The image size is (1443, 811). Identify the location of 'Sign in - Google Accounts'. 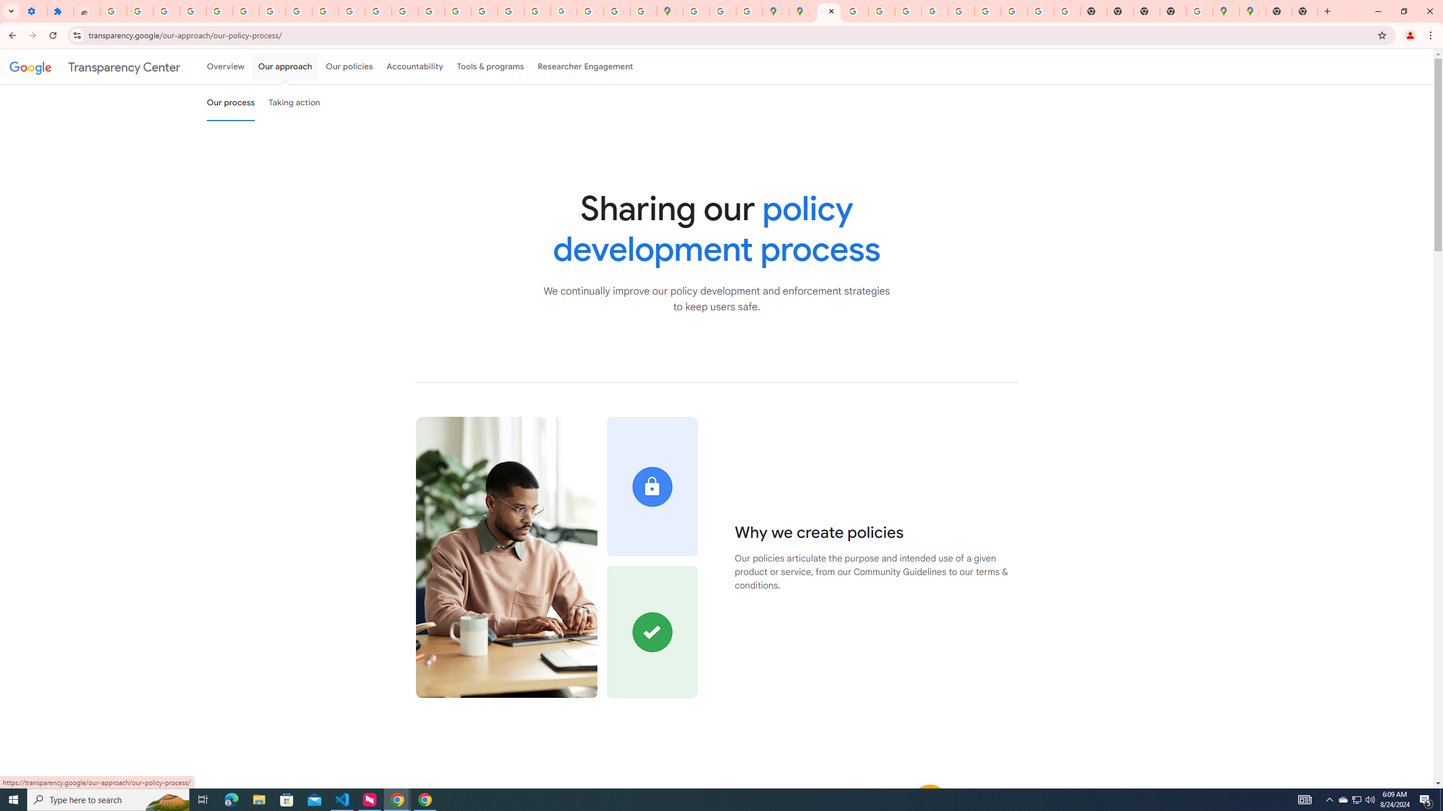
(112, 11).